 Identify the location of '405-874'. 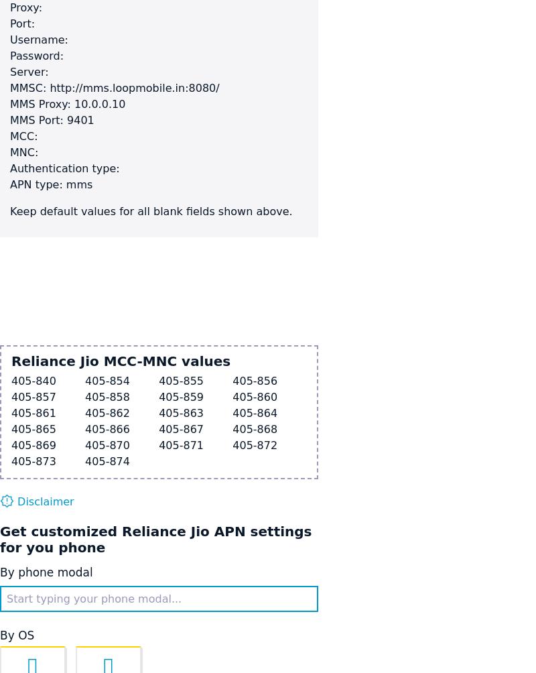
(84, 461).